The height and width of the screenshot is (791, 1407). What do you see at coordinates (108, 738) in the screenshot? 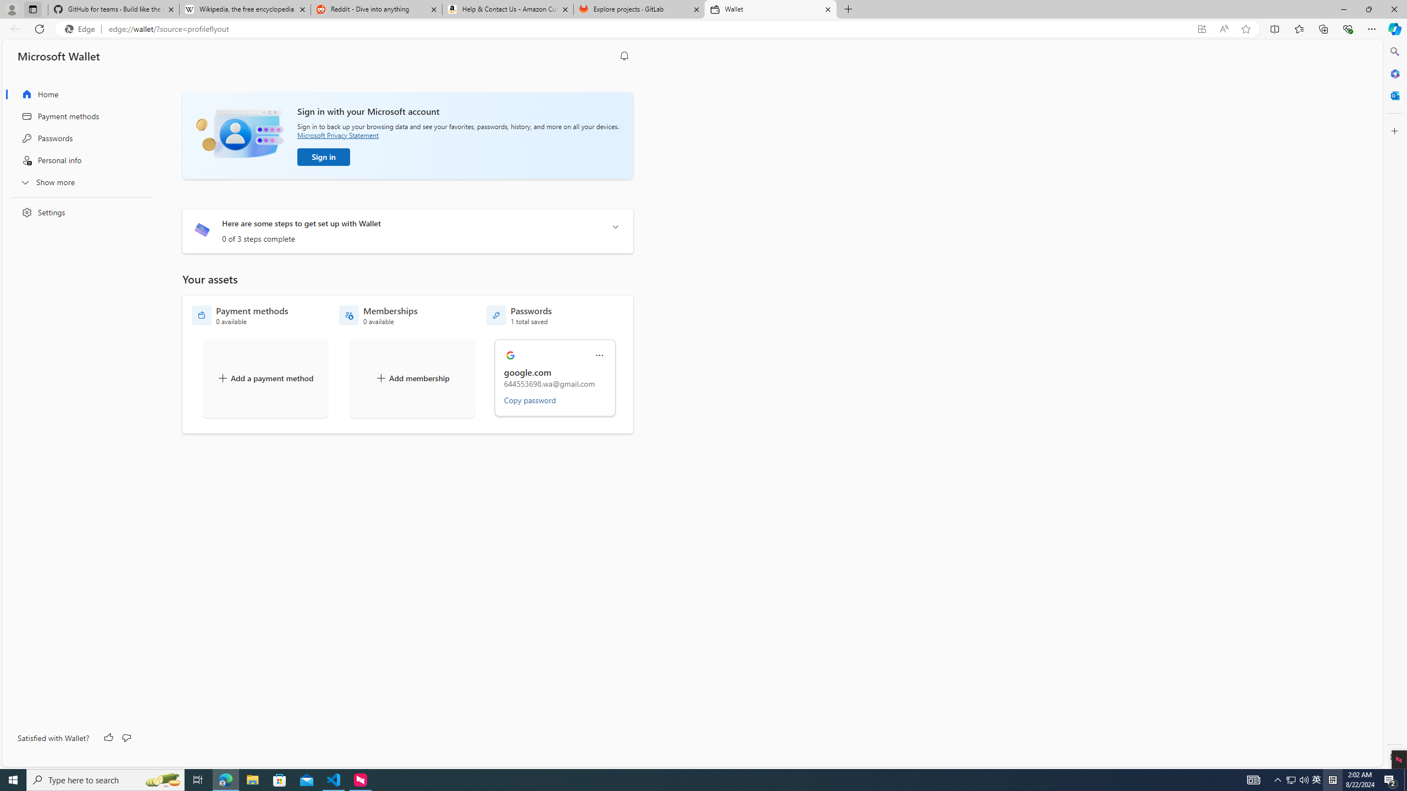
I see `'Like'` at bounding box center [108, 738].